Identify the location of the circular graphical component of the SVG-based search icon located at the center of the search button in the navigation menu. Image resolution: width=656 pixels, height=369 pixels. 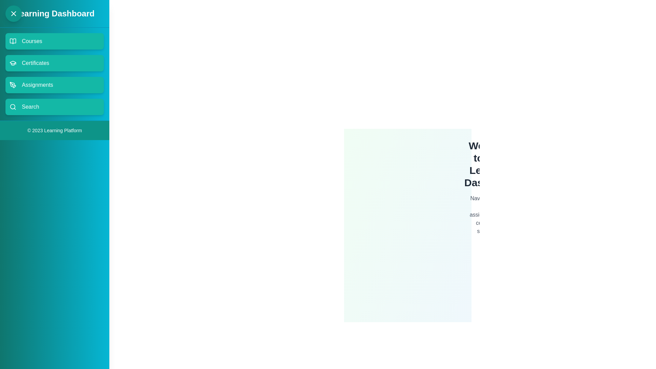
(13, 107).